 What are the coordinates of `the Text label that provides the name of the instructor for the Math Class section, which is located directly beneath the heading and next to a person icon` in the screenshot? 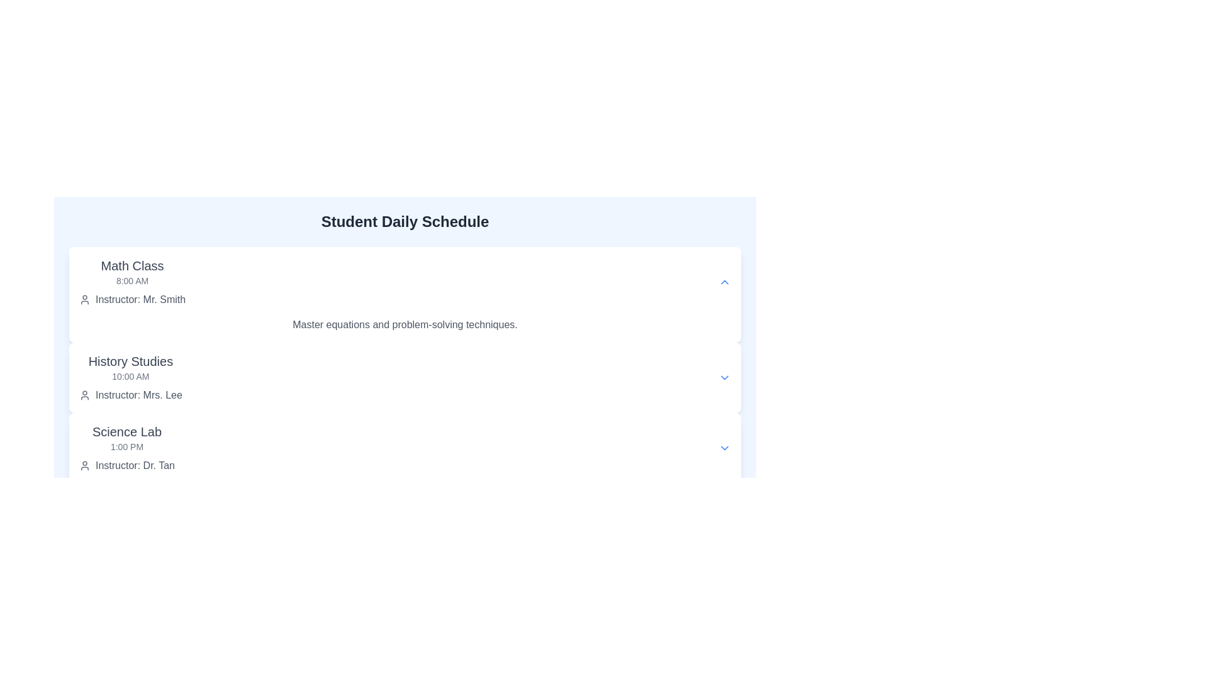 It's located at (140, 300).